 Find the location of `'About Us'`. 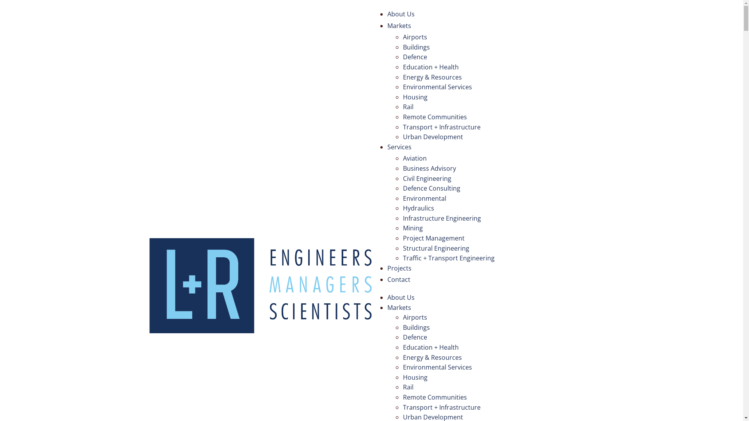

'About Us' is located at coordinates (387, 15).